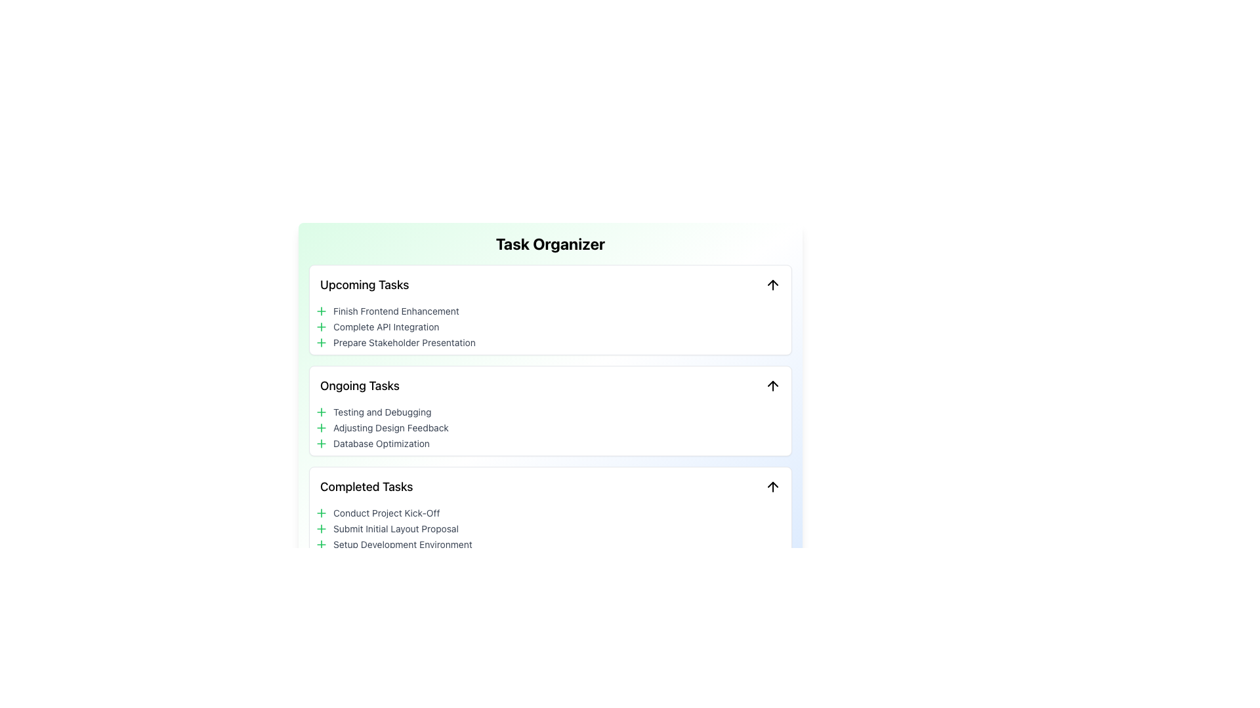 The height and width of the screenshot is (708, 1260). What do you see at coordinates (404, 342) in the screenshot?
I see `the text label 'Prepare Stakeholder Presentation' in the 'Upcoming Tasks' section` at bounding box center [404, 342].